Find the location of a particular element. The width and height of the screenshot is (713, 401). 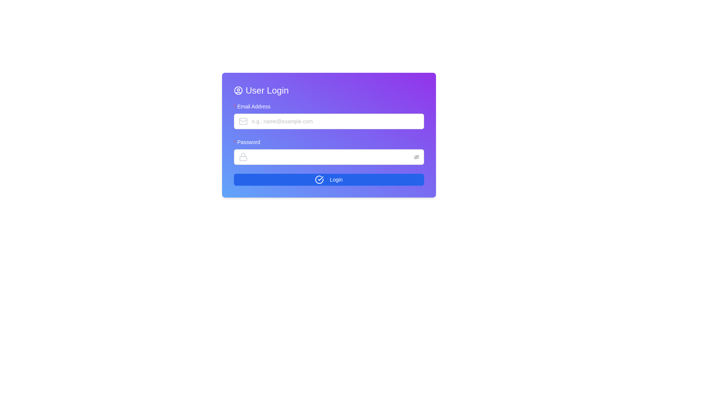

the 'Password' label in the login form, which features medium-weight white font and is positioned above the password input box is located at coordinates (250, 142).